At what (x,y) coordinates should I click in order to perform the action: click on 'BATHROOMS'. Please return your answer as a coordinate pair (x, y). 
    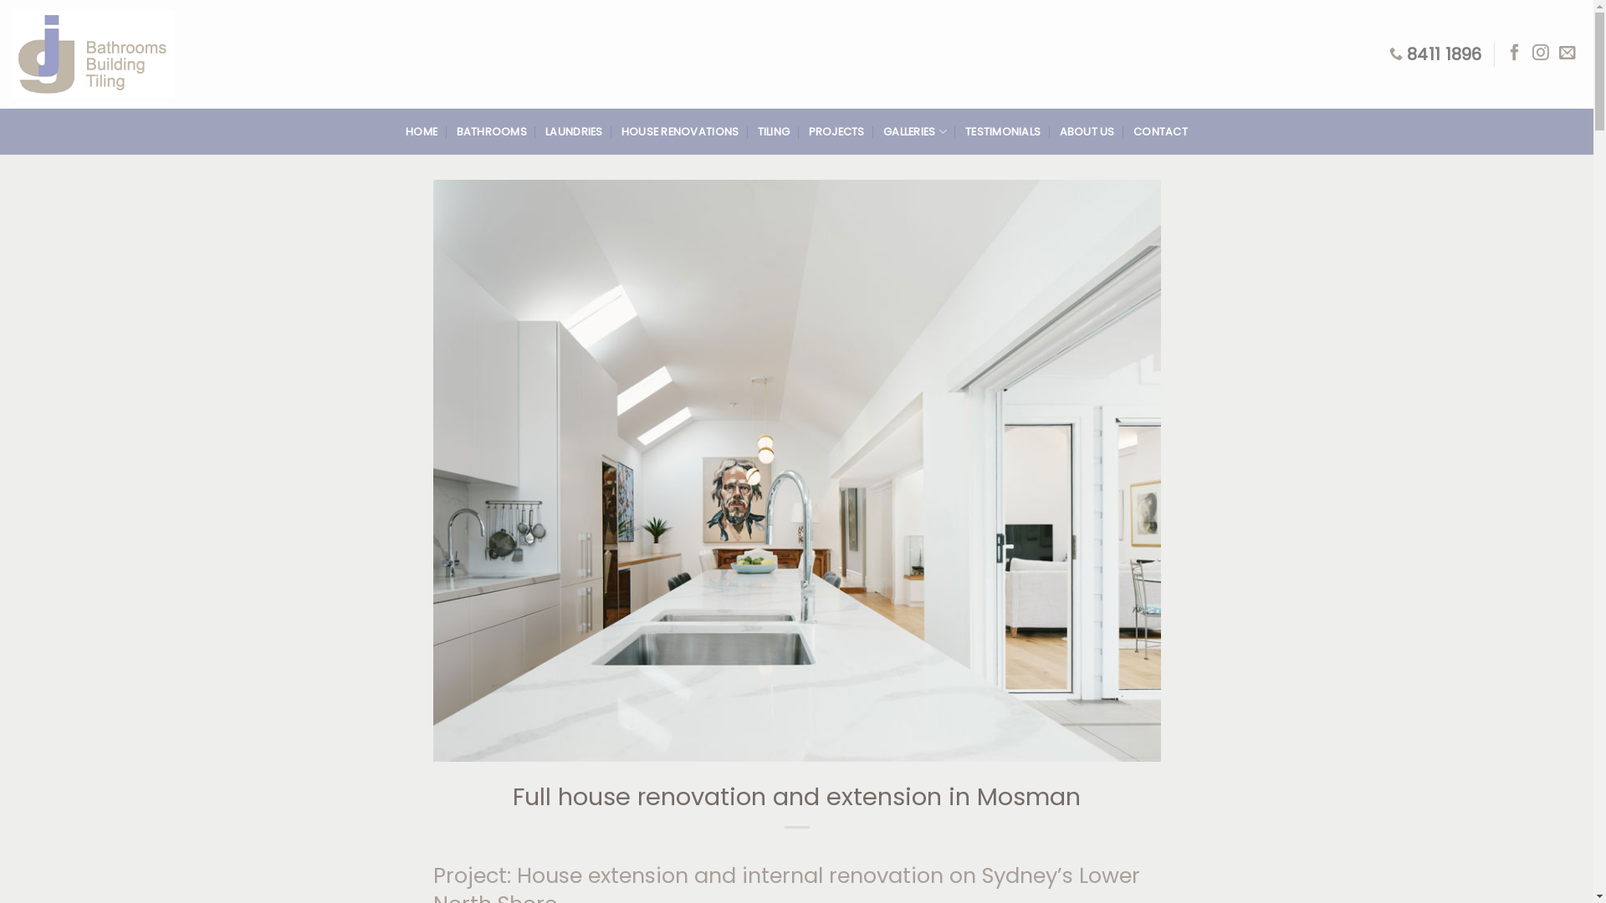
    Looking at the image, I should click on (491, 131).